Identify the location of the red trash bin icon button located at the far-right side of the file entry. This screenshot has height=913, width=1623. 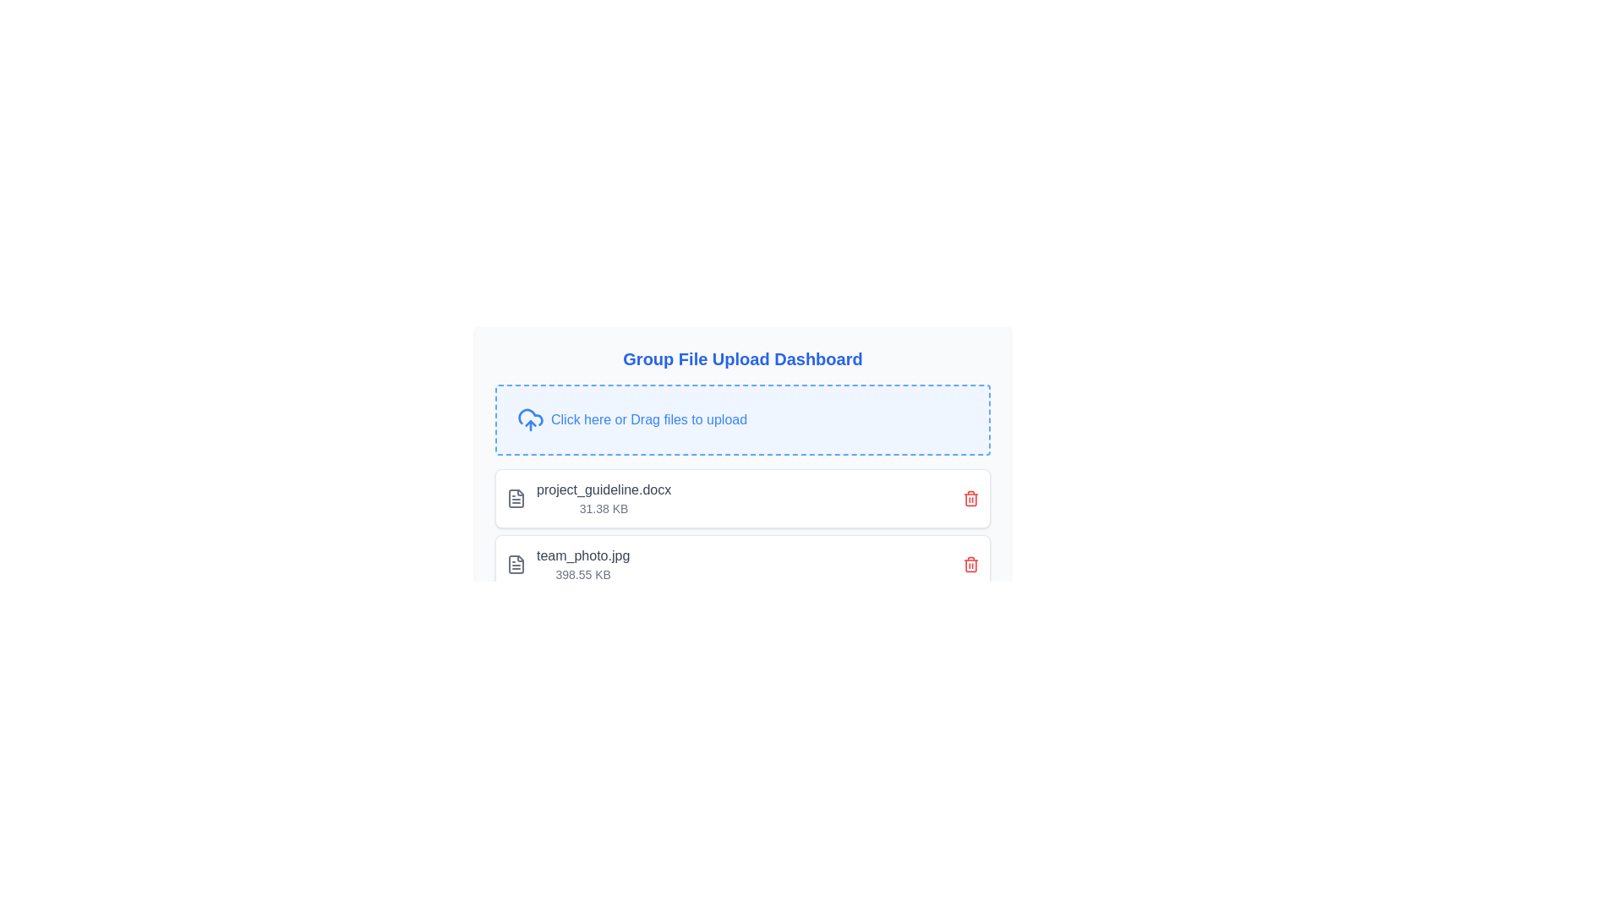
(970, 498).